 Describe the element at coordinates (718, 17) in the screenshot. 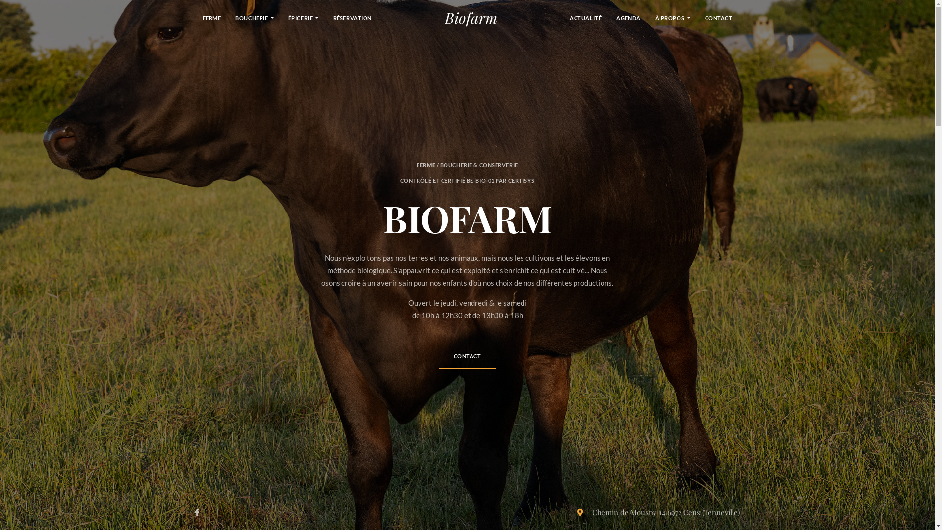

I see `'CONTACT'` at that location.